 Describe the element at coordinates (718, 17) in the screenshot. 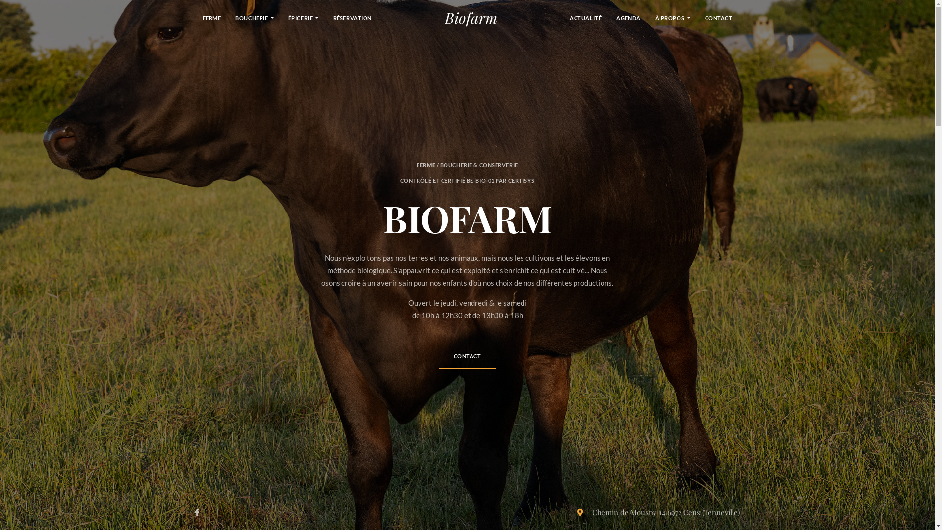

I see `'CONTACT'` at that location.